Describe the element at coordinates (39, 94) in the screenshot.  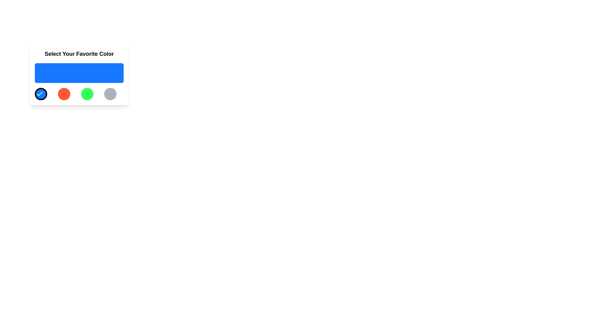
I see `the small checkmark-shaped icon located within the first circular black button with a blue background in a horizontal group of buttons` at that location.